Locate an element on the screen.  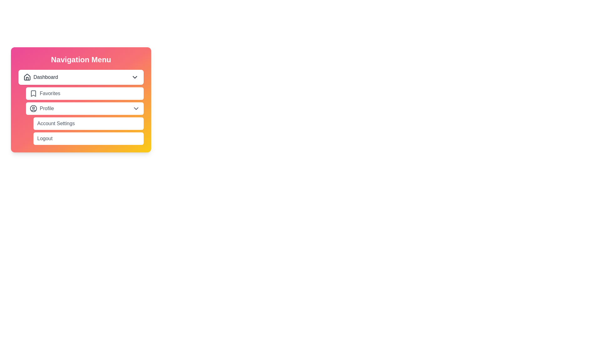
the SVG circle graphical component located next to the 'Profile' text in the navigation menu is located at coordinates (33, 108).